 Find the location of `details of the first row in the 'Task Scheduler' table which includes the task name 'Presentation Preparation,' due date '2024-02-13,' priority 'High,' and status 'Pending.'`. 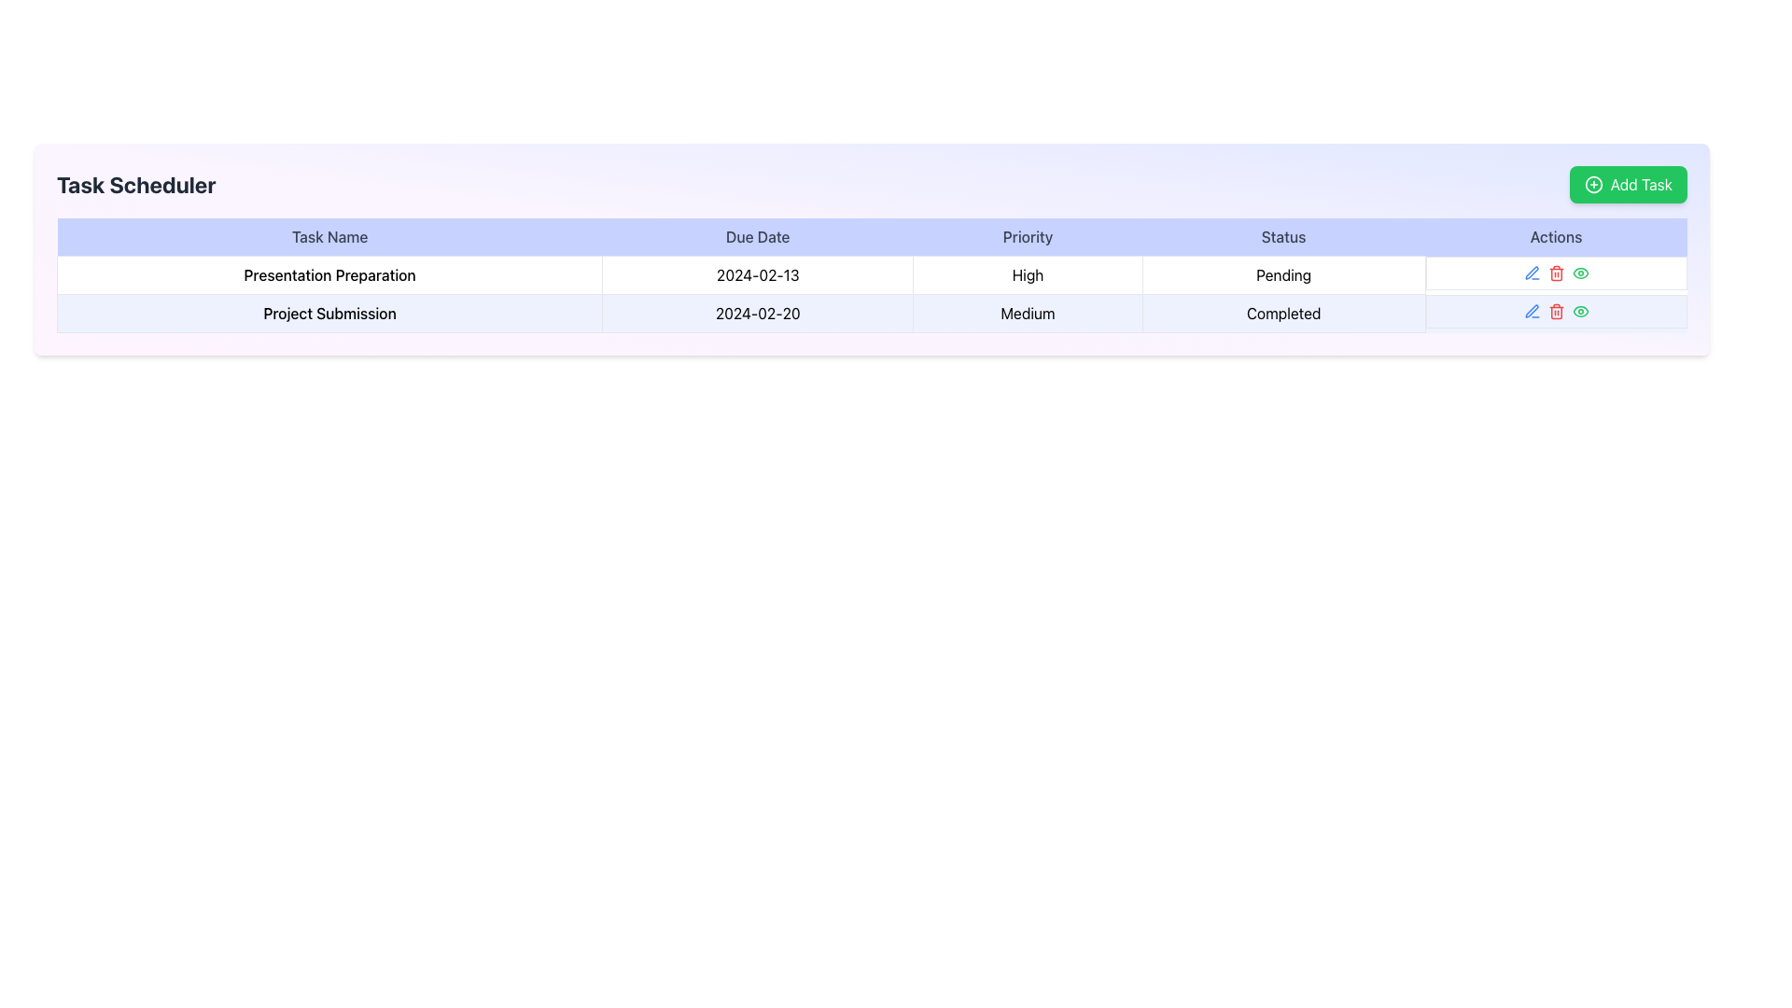

details of the first row in the 'Task Scheduler' table which includes the task name 'Presentation Preparation,' due date '2024-02-13,' priority 'High,' and status 'Pending.' is located at coordinates (871, 274).